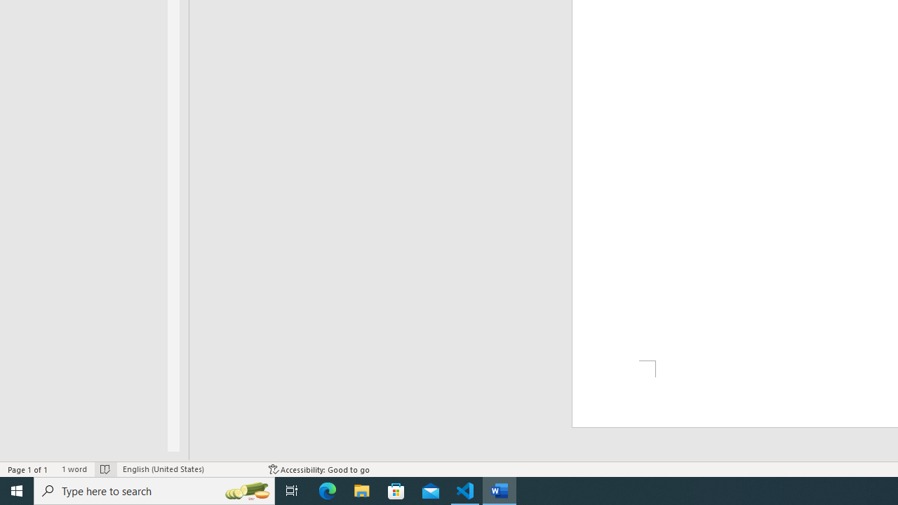 This screenshot has width=898, height=505. Describe the element at coordinates (105, 469) in the screenshot. I see `'Spelling and Grammar Check No Errors'` at that location.